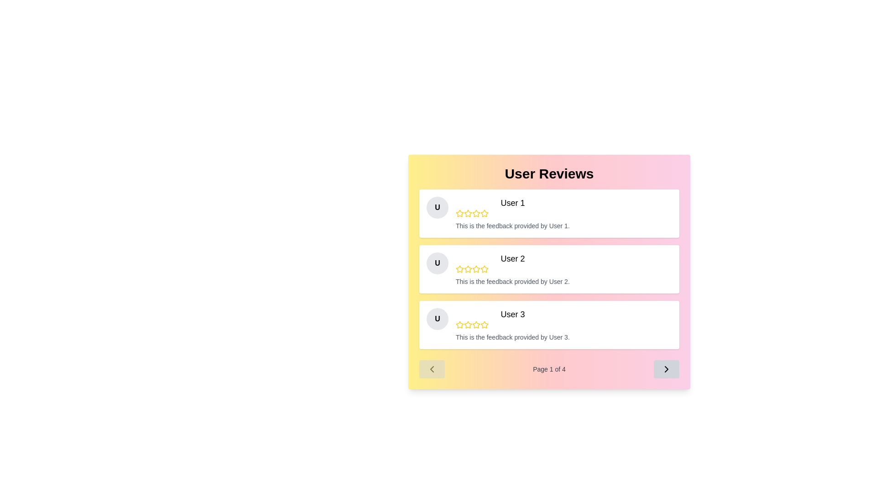  I want to click on the fifth clickable rating star icon, so click(484, 325).